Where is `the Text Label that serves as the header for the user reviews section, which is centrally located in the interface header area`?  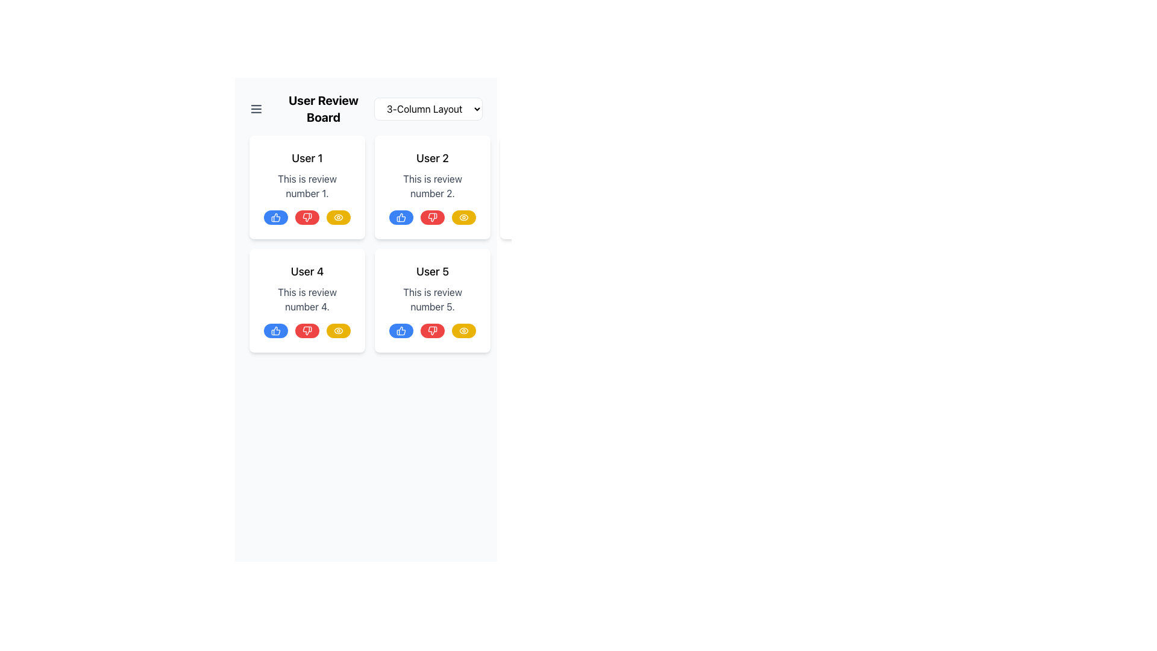
the Text Label that serves as the header for the user reviews section, which is centrally located in the interface header area is located at coordinates (324, 109).